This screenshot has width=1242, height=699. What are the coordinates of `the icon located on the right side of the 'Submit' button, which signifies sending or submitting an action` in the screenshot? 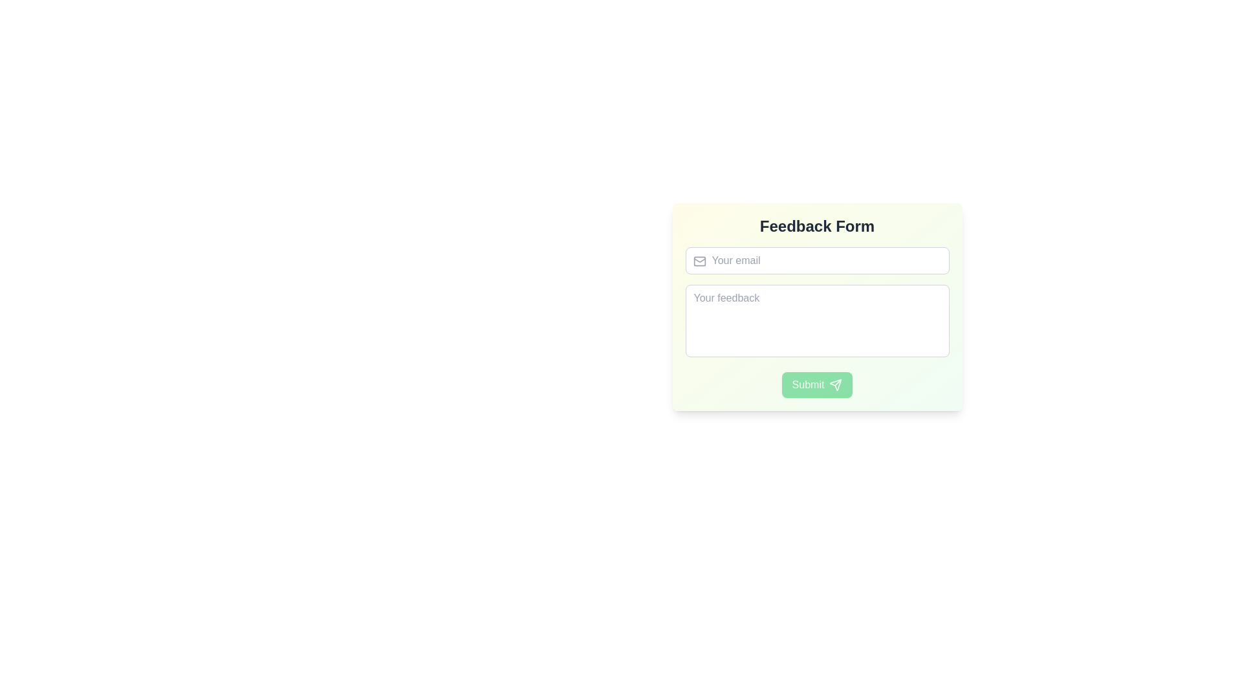 It's located at (836, 384).